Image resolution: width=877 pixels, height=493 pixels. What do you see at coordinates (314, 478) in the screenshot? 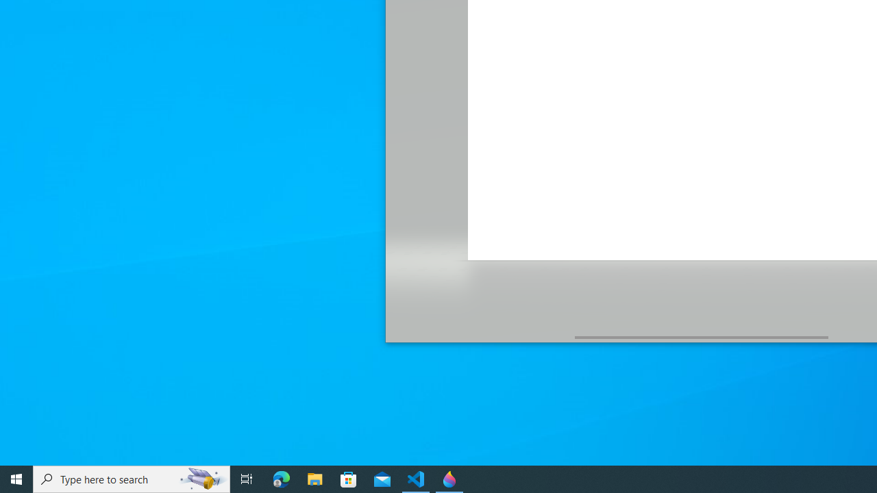
I see `'File Explorer'` at bounding box center [314, 478].